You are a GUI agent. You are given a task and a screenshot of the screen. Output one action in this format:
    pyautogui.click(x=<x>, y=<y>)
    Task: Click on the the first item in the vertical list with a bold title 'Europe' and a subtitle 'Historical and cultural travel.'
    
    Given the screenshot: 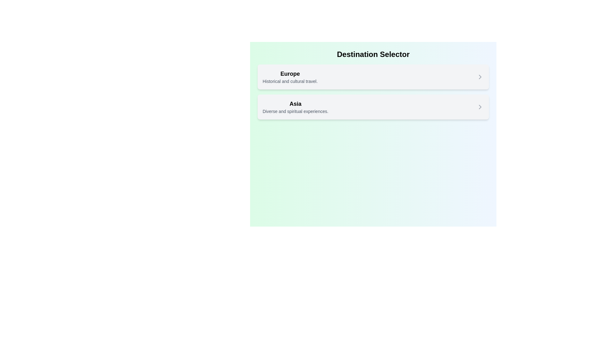 What is the action you would take?
    pyautogui.click(x=373, y=77)
    